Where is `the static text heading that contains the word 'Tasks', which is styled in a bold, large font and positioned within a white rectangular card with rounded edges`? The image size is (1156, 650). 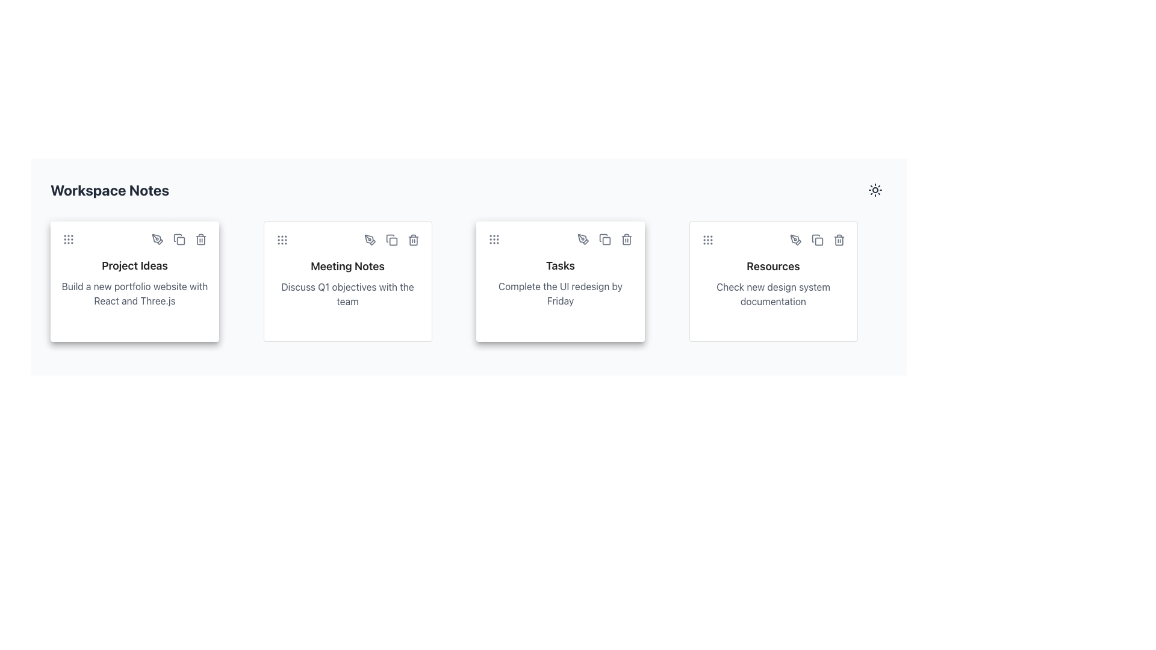 the static text heading that contains the word 'Tasks', which is styled in a bold, large font and positioned within a white rectangular card with rounded edges is located at coordinates (560, 265).